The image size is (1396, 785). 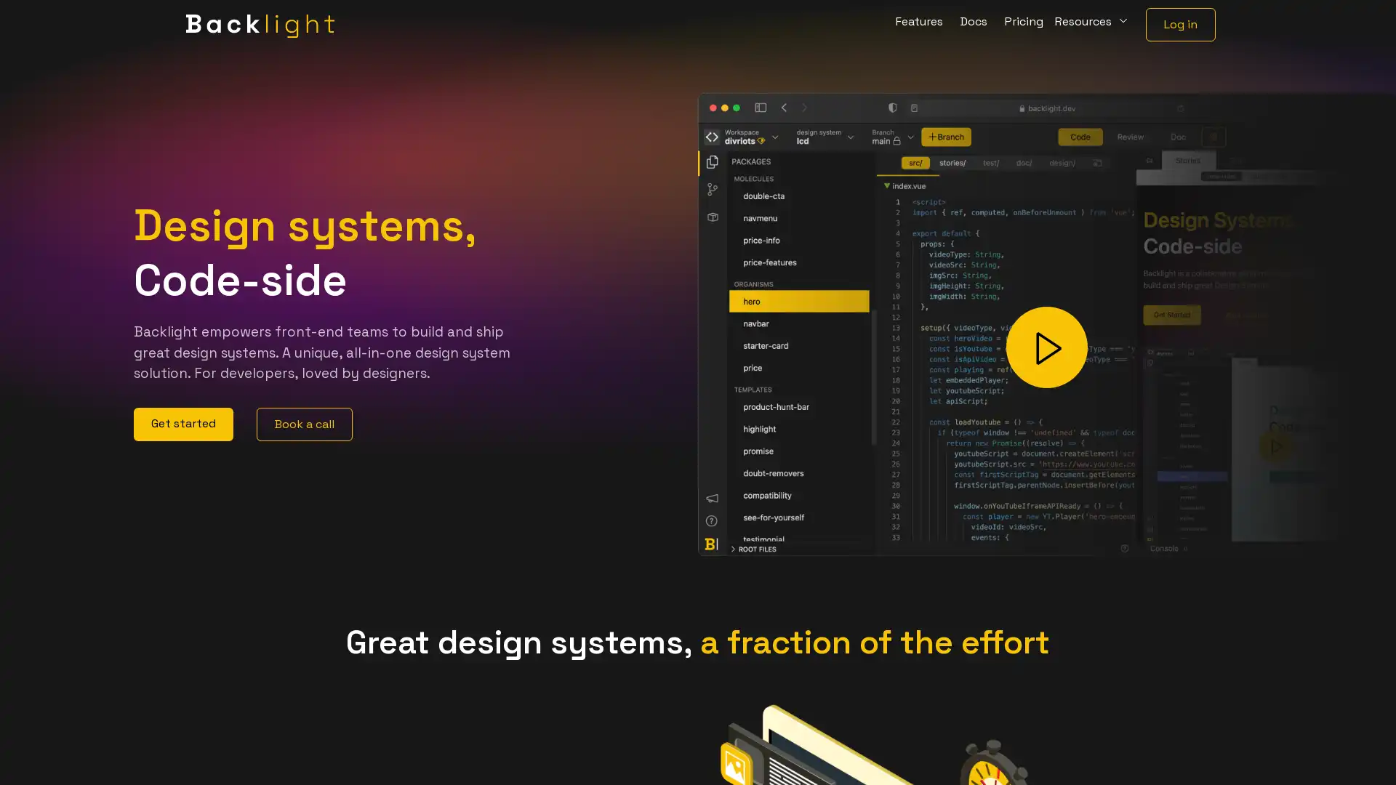 What do you see at coordinates (1047, 347) in the screenshot?
I see `Play button` at bounding box center [1047, 347].